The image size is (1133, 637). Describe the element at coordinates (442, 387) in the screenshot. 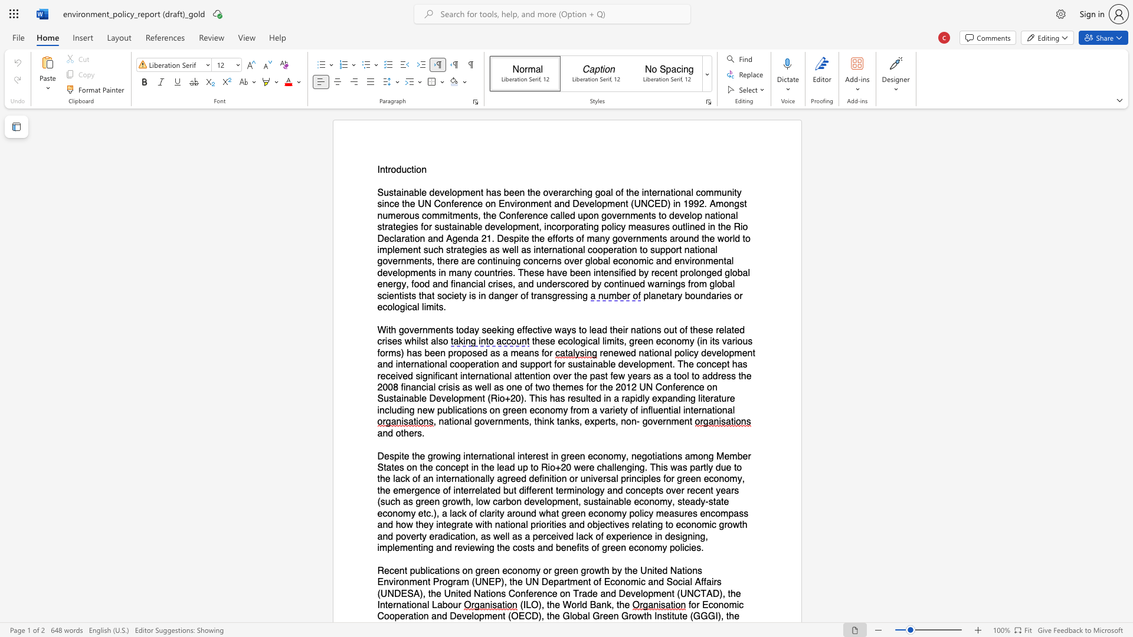

I see `the subset text "risi" within the text "financial crisis"` at that location.